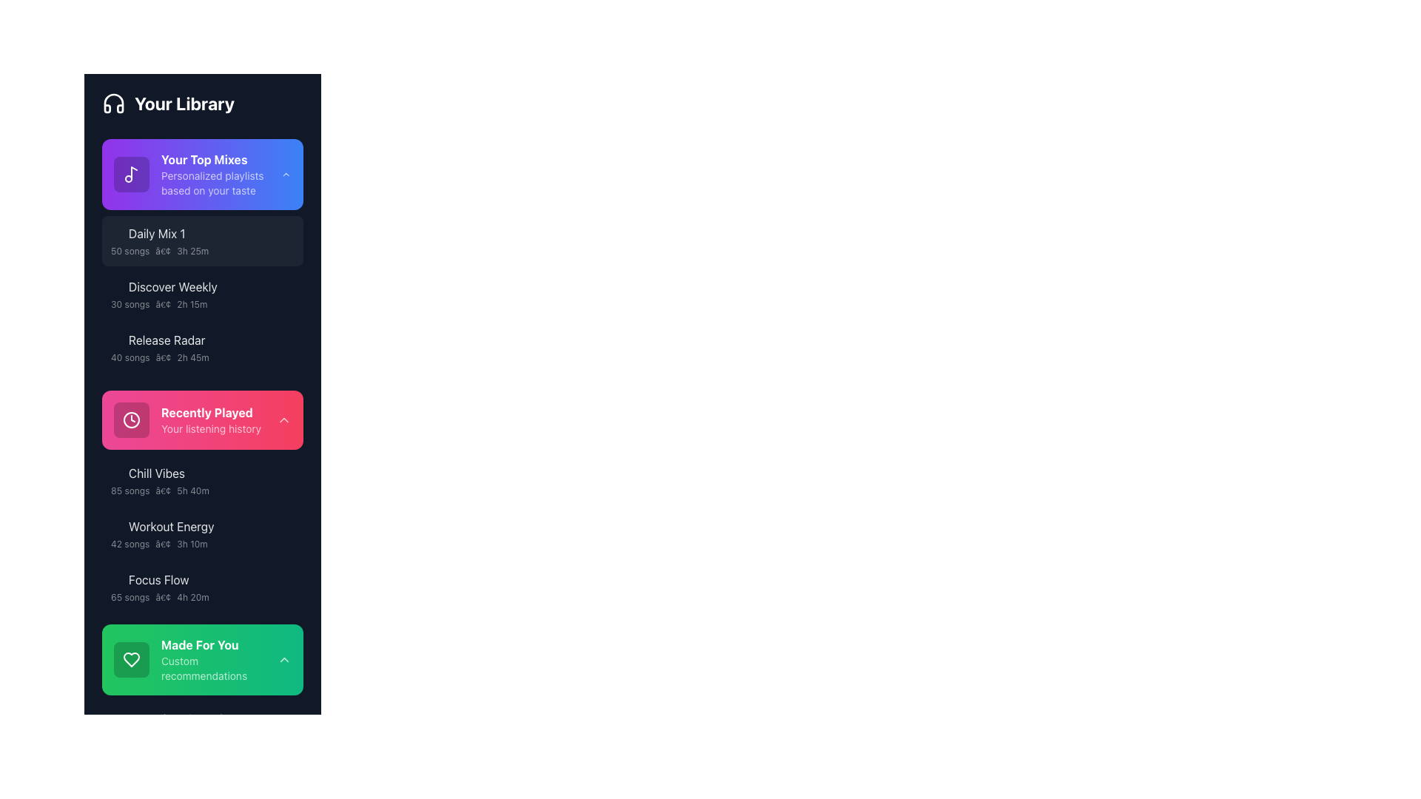  What do you see at coordinates (221, 160) in the screenshot?
I see `the text label titled 'Your Top Mixes' located at the top section of the sidebar, above the subtitle 'Personalized playlists based on your taste'` at bounding box center [221, 160].